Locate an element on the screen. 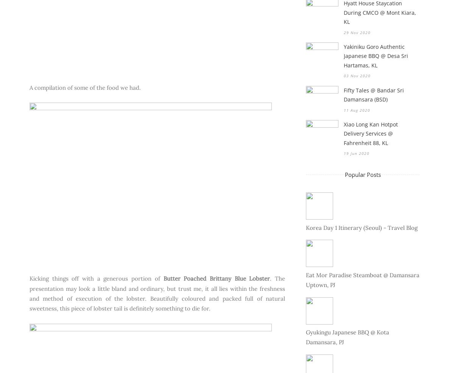  'A compilation of some of the food we had.' is located at coordinates (86, 87).